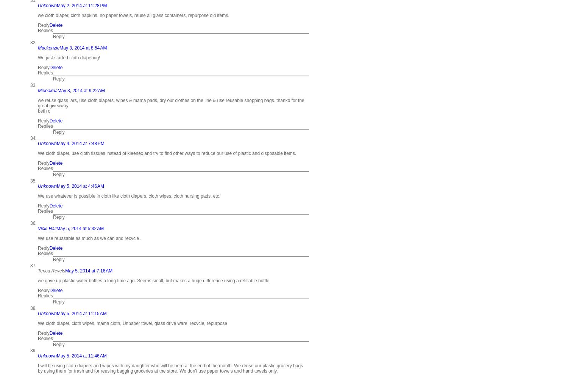  What do you see at coordinates (81, 313) in the screenshot?
I see `'May 5, 2014 at 11:15 AM'` at bounding box center [81, 313].